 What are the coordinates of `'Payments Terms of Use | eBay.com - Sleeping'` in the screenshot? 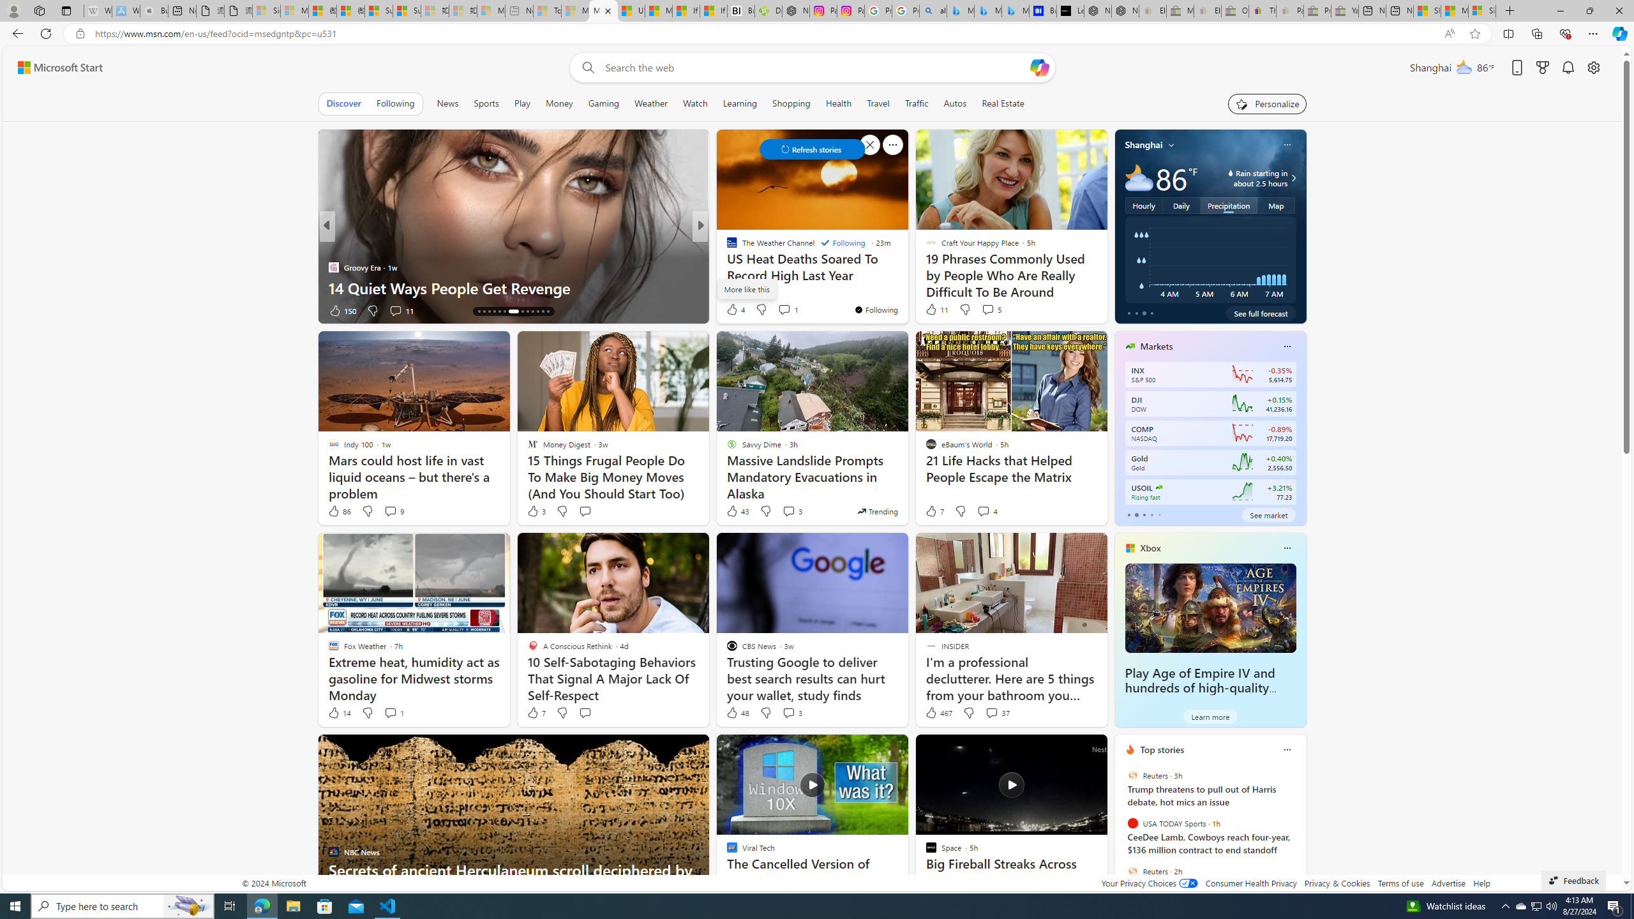 It's located at (1290, 10).